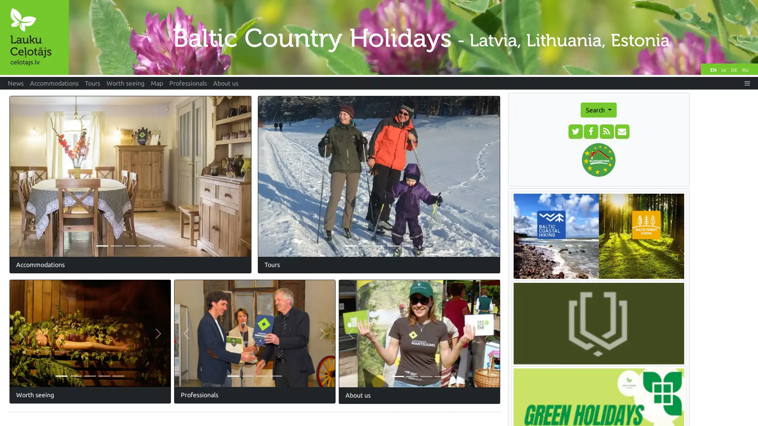 The height and width of the screenshot is (426, 758). What do you see at coordinates (276, 176) in the screenshot?
I see `Previous` at bounding box center [276, 176].